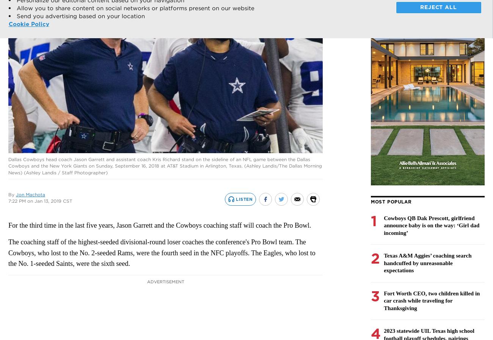  Describe the element at coordinates (391, 201) in the screenshot. I see `'Most Popular'` at that location.